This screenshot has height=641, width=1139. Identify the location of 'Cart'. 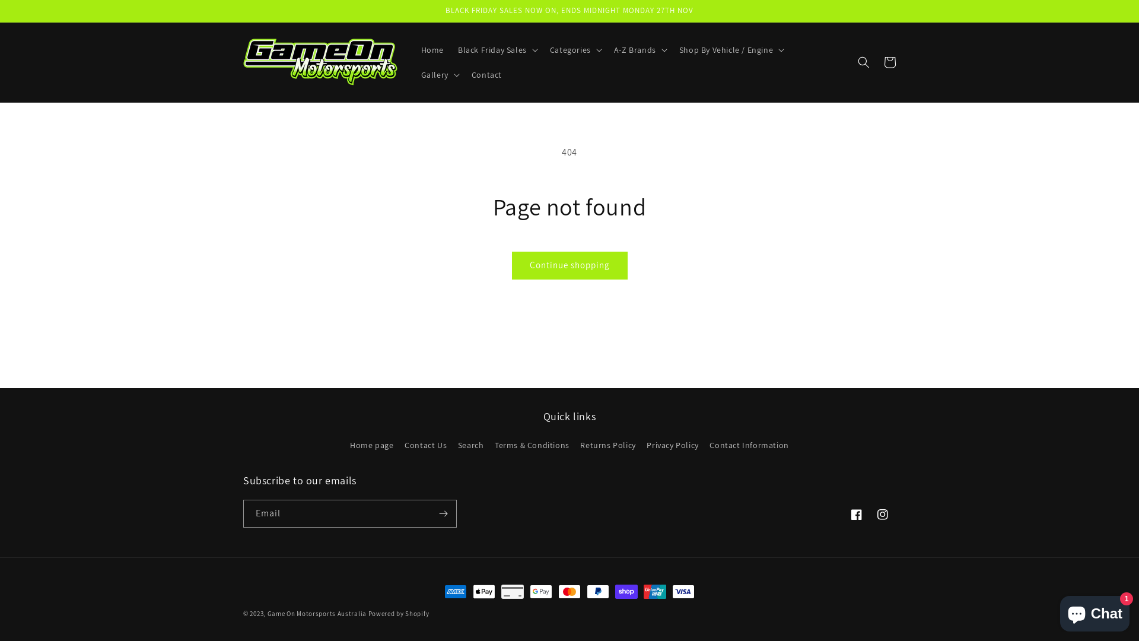
(889, 62).